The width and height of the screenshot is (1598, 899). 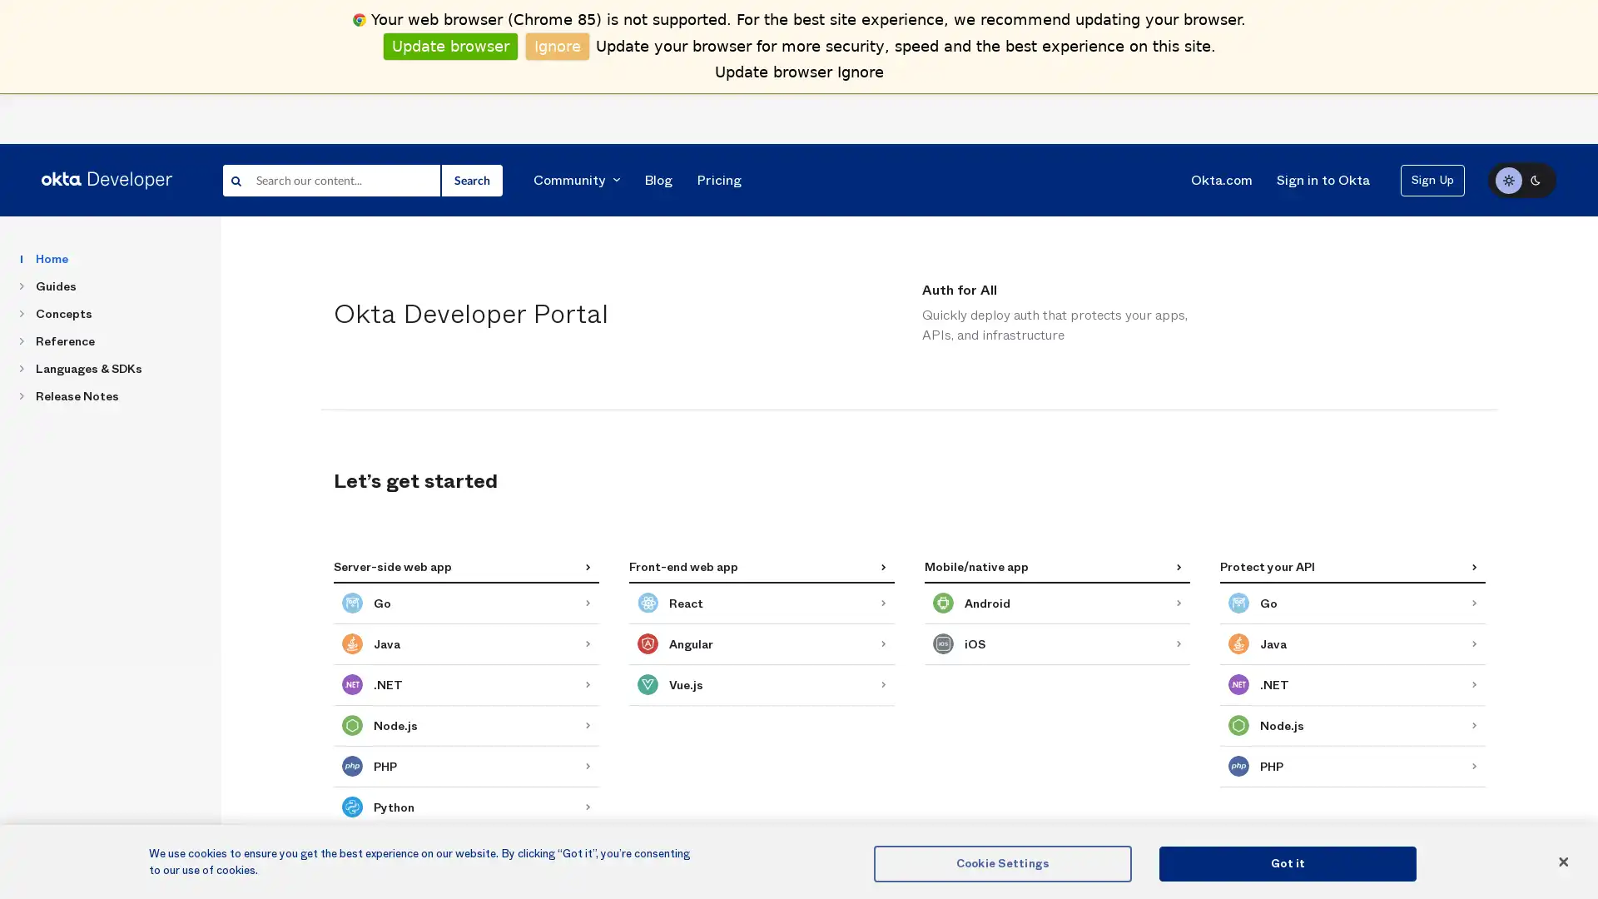 I want to click on Cookie Settings, so click(x=1001, y=862).